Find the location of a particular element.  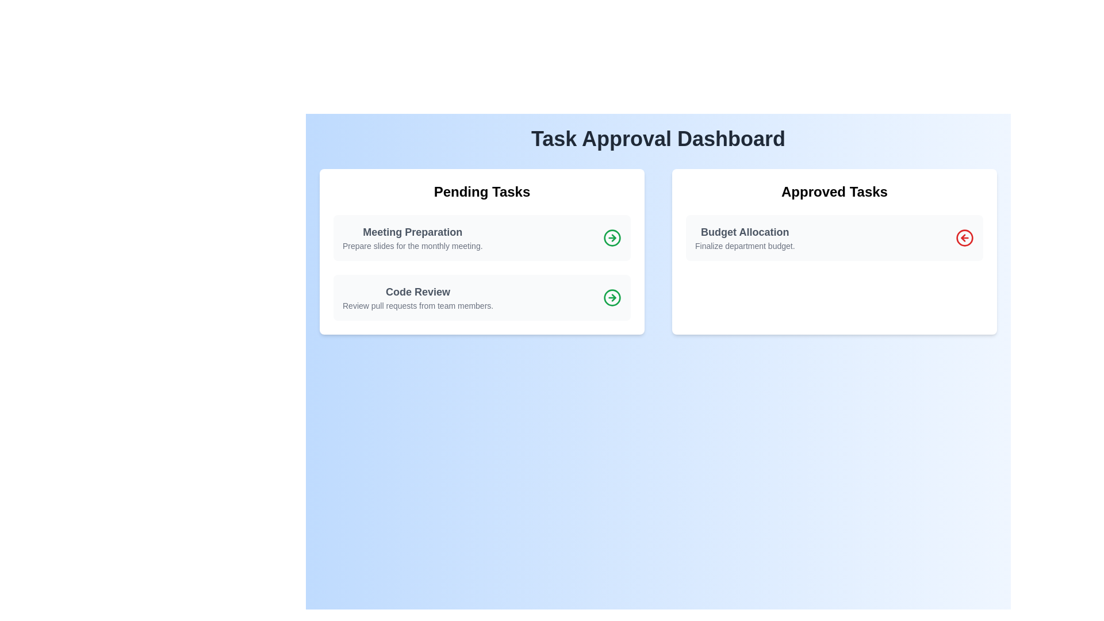

the 'Budget Allocation' task card located in the 'Approved Tasks' section, which is positioned to the right of the 'Pending Tasks' section is located at coordinates (834, 237).